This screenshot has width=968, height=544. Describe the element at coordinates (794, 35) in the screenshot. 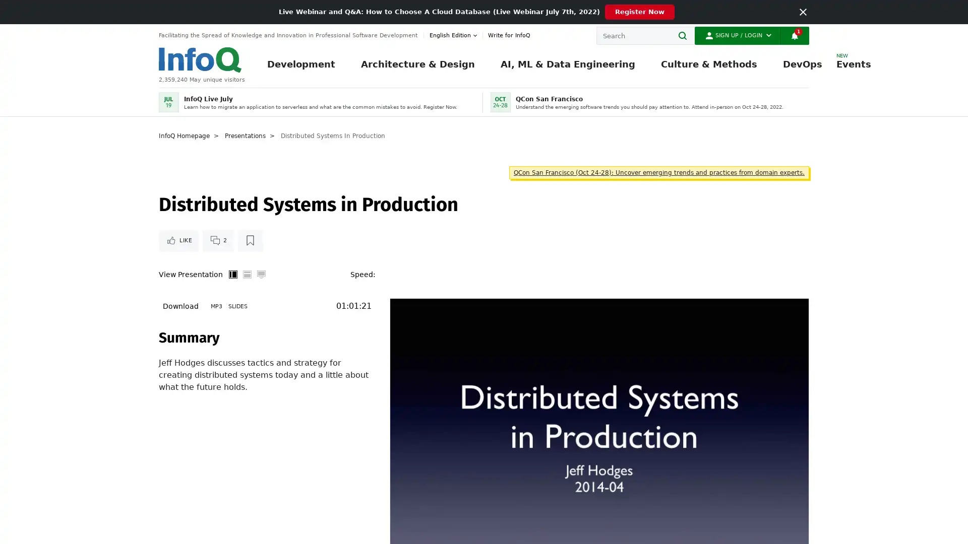

I see `Notifications` at that location.